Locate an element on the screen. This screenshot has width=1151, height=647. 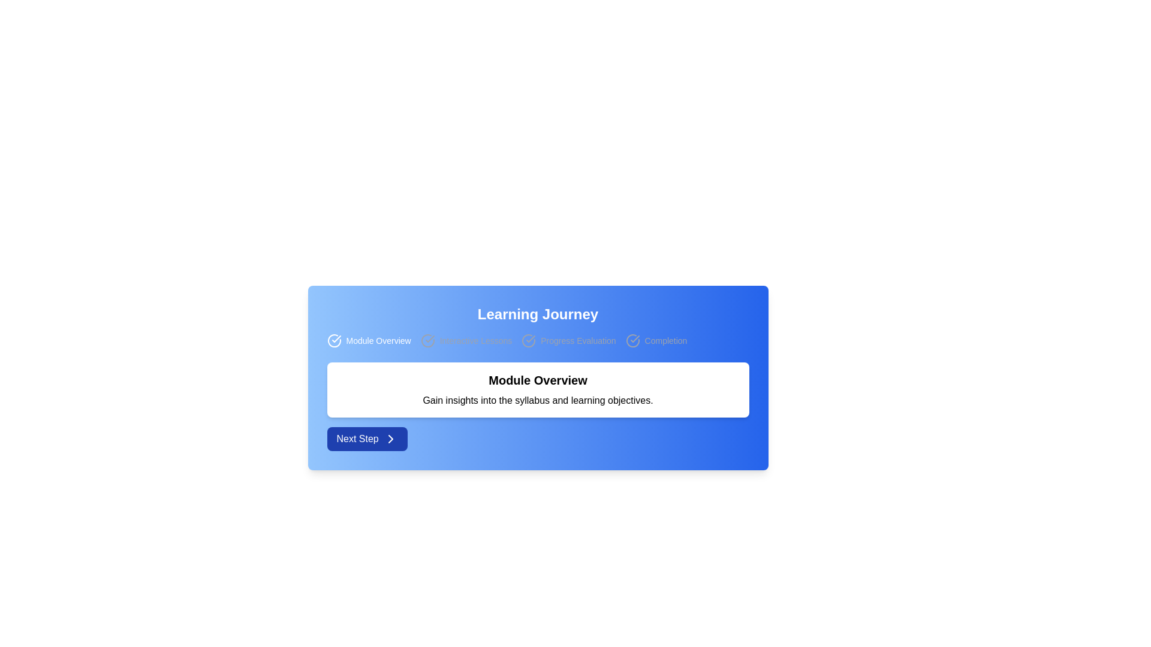
the right-pointing chevron-shaped icon within the 'Next Step' button for additional visual feedback is located at coordinates (390, 439).